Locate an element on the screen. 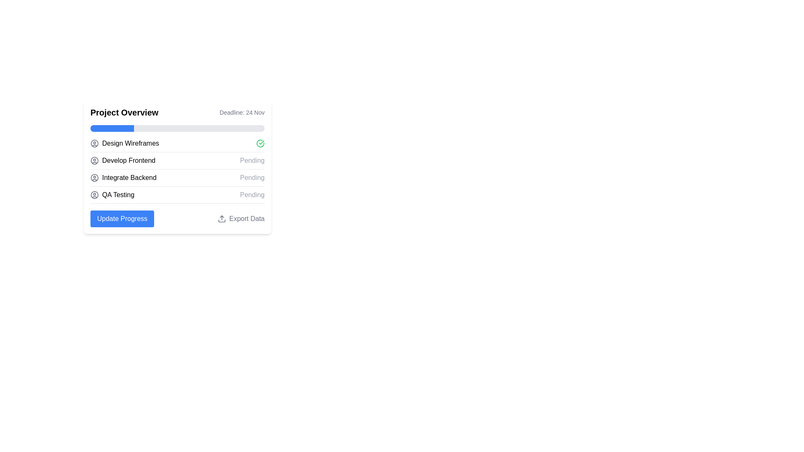 The width and height of the screenshot is (804, 452). the circular graphical element that is part of the second user icon from the top on the left side of the 'Project Overview' layout is located at coordinates (94, 195).